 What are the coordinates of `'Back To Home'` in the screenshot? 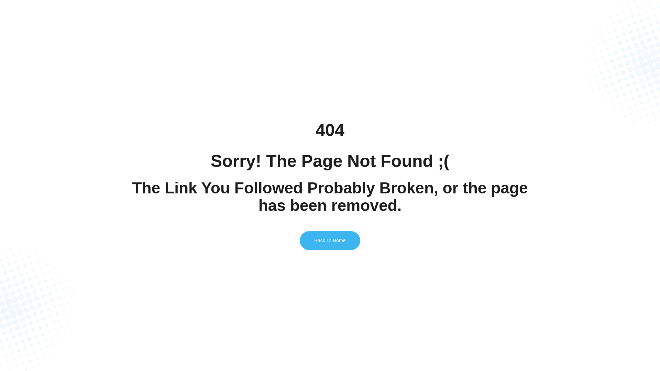 It's located at (330, 240).